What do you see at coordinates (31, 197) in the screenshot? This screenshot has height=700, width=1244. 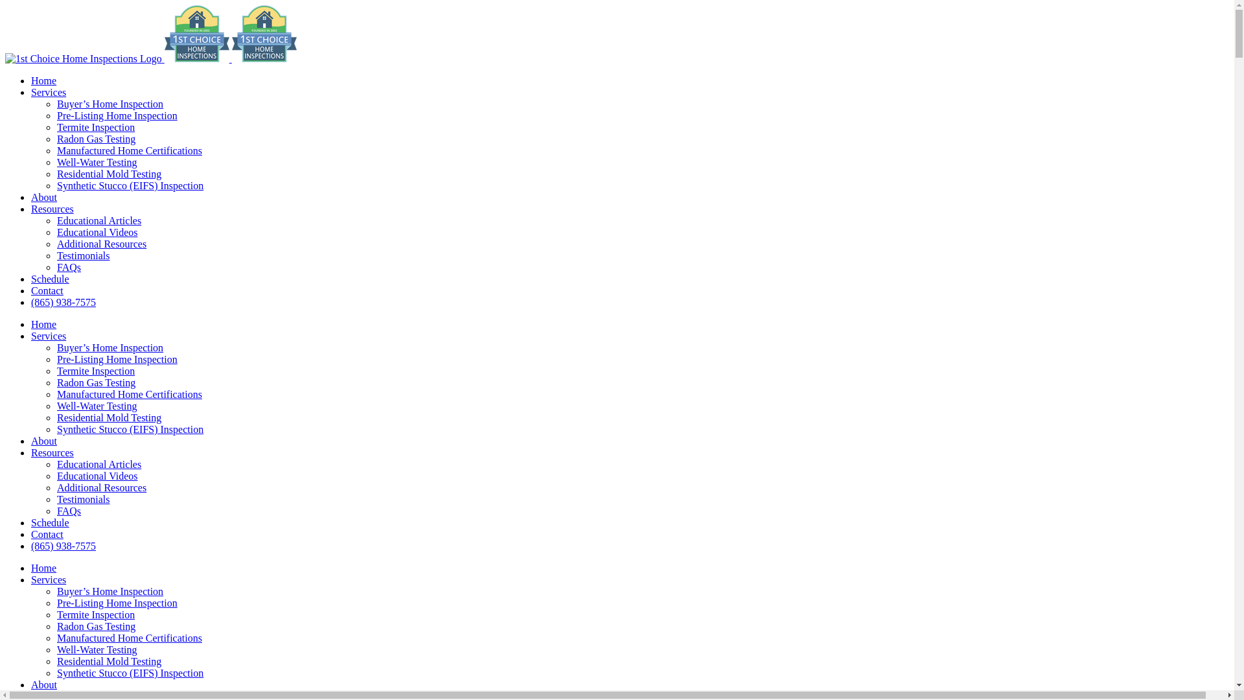 I see `'About'` at bounding box center [31, 197].